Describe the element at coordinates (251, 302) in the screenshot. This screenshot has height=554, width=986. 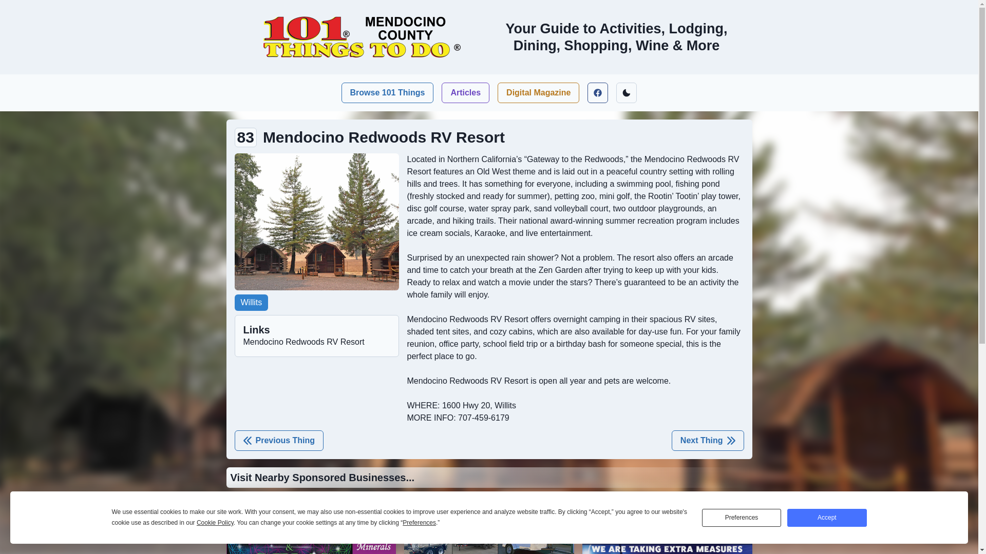
I see `'Willits'` at that location.